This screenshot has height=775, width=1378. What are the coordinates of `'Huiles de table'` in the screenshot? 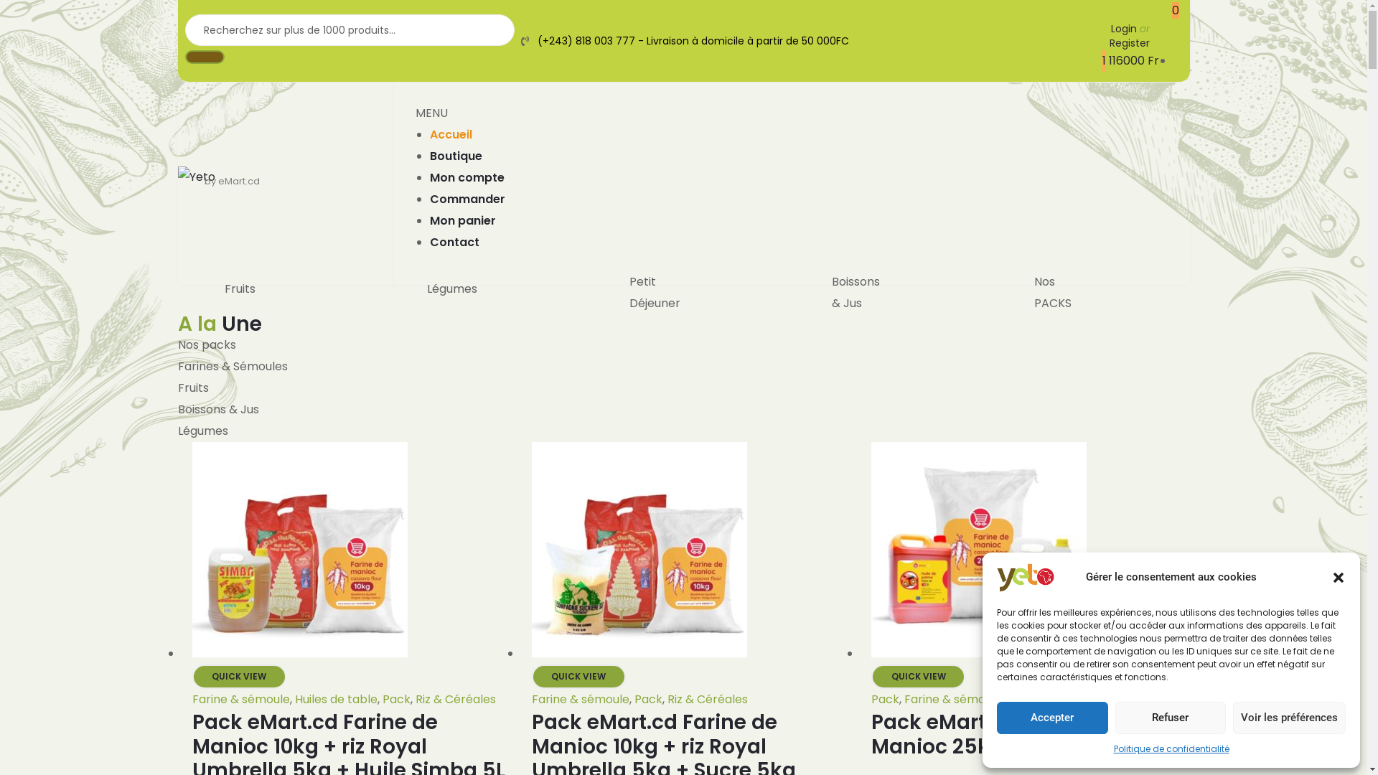 It's located at (334, 698).